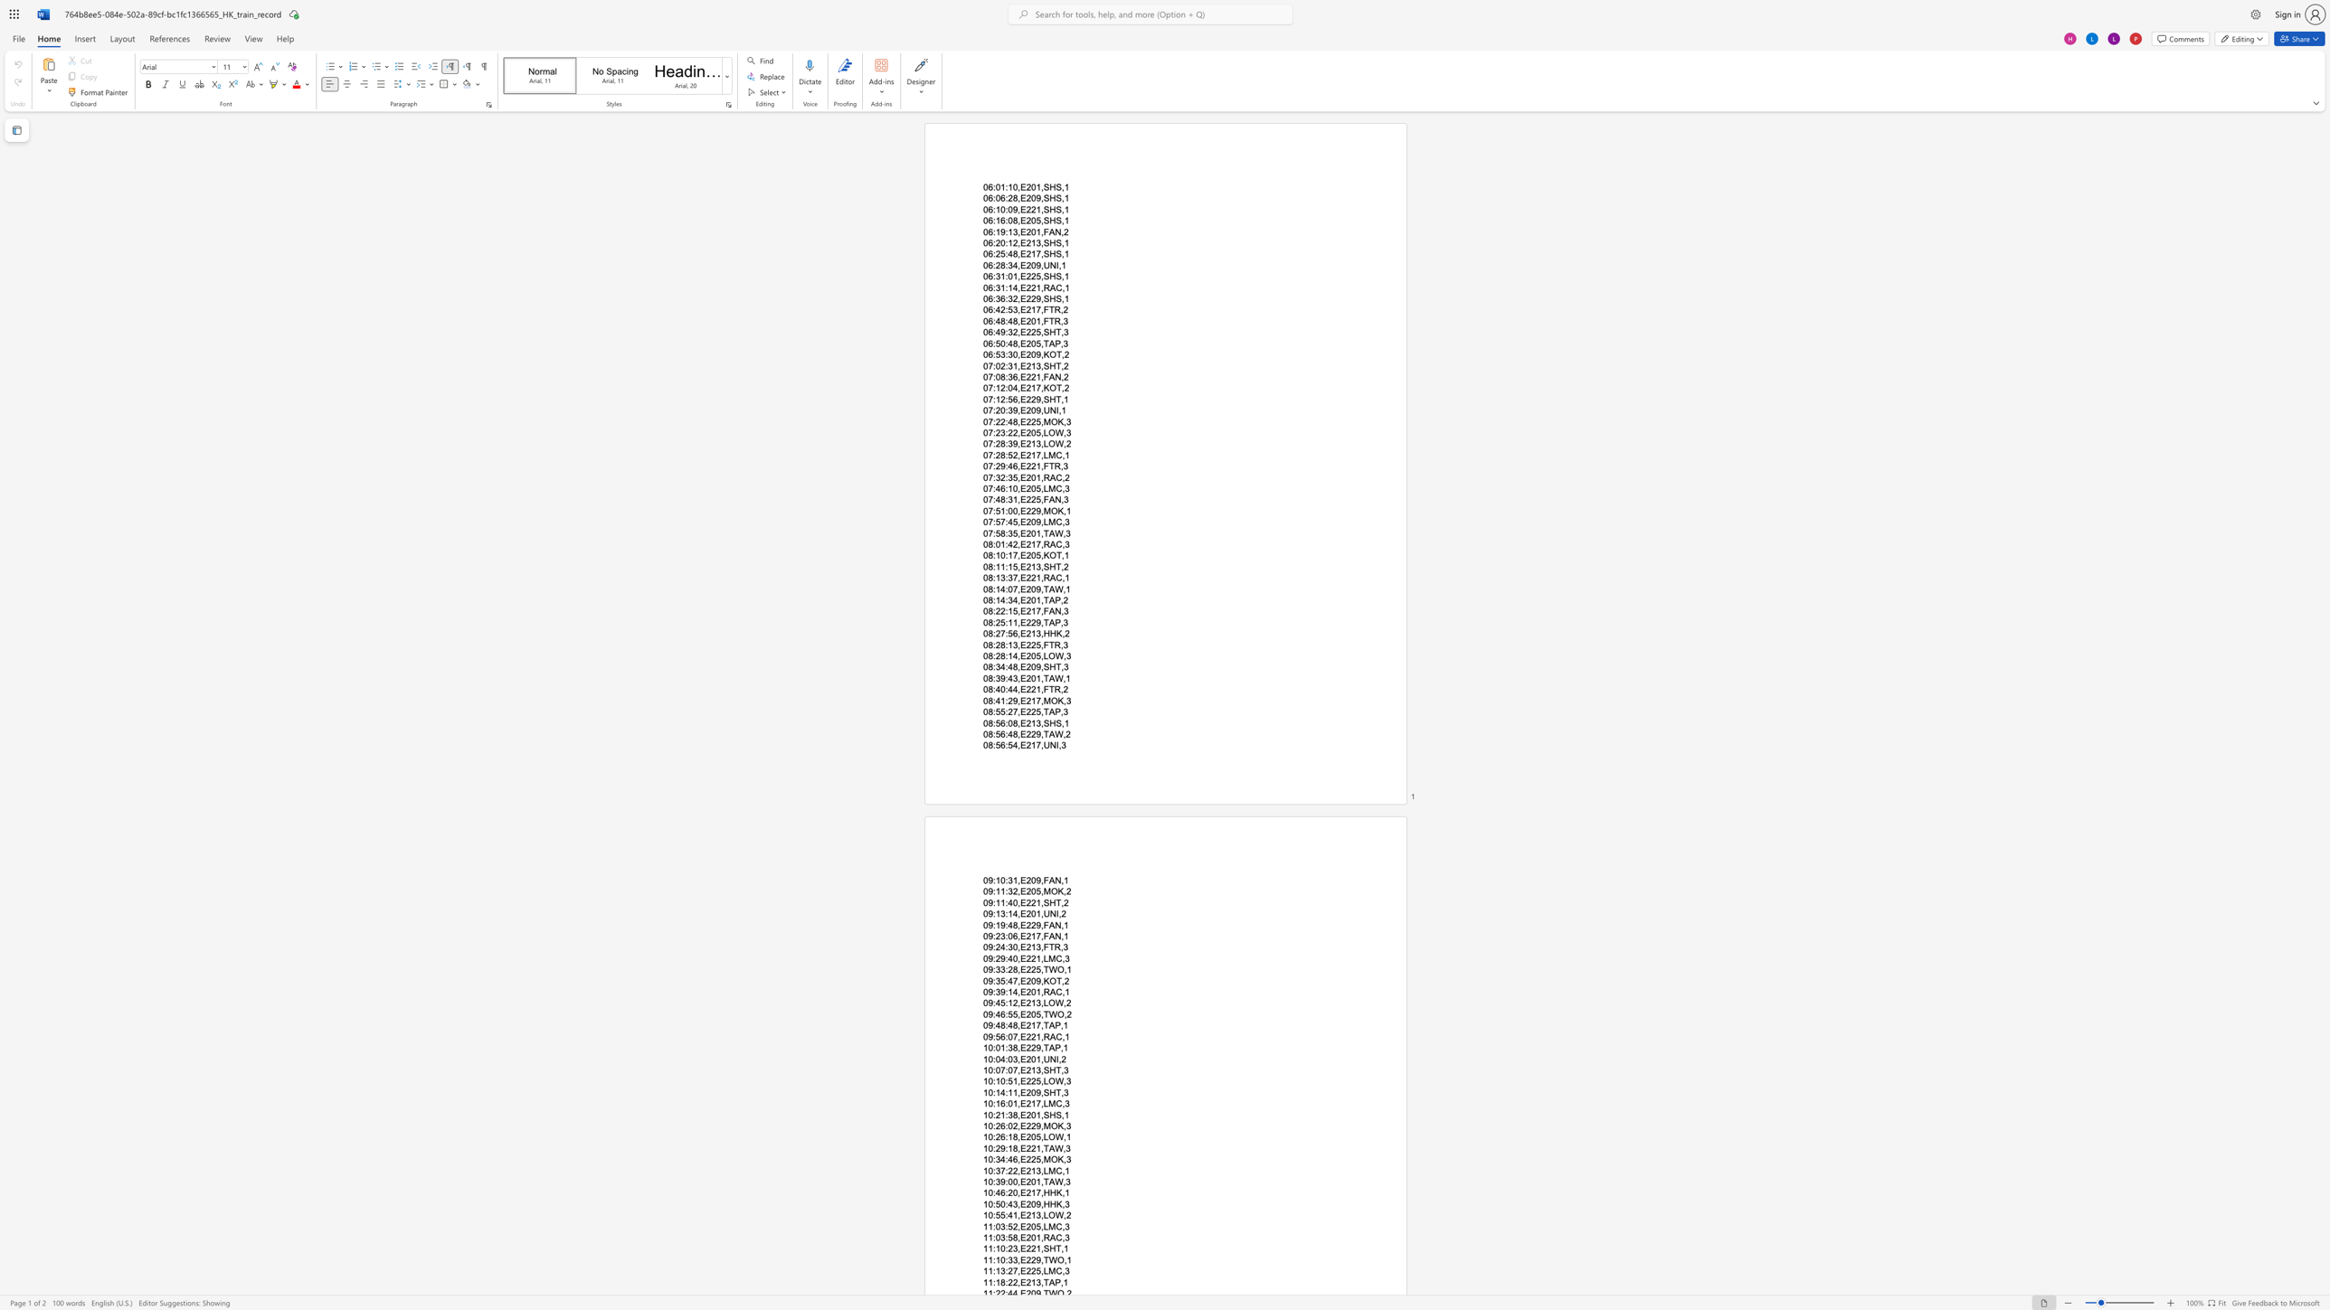 The width and height of the screenshot is (2330, 1310). I want to click on the subset text ",E20" within the text "10:04:03,E201,UNI,2", so click(1017, 1059).